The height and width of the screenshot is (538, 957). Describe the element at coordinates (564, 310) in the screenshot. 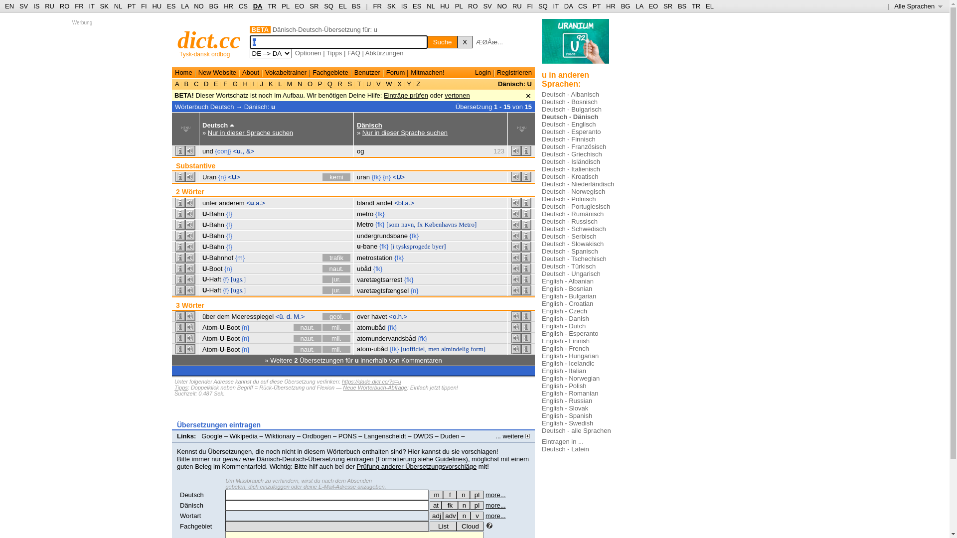

I see `'English - Czech'` at that location.